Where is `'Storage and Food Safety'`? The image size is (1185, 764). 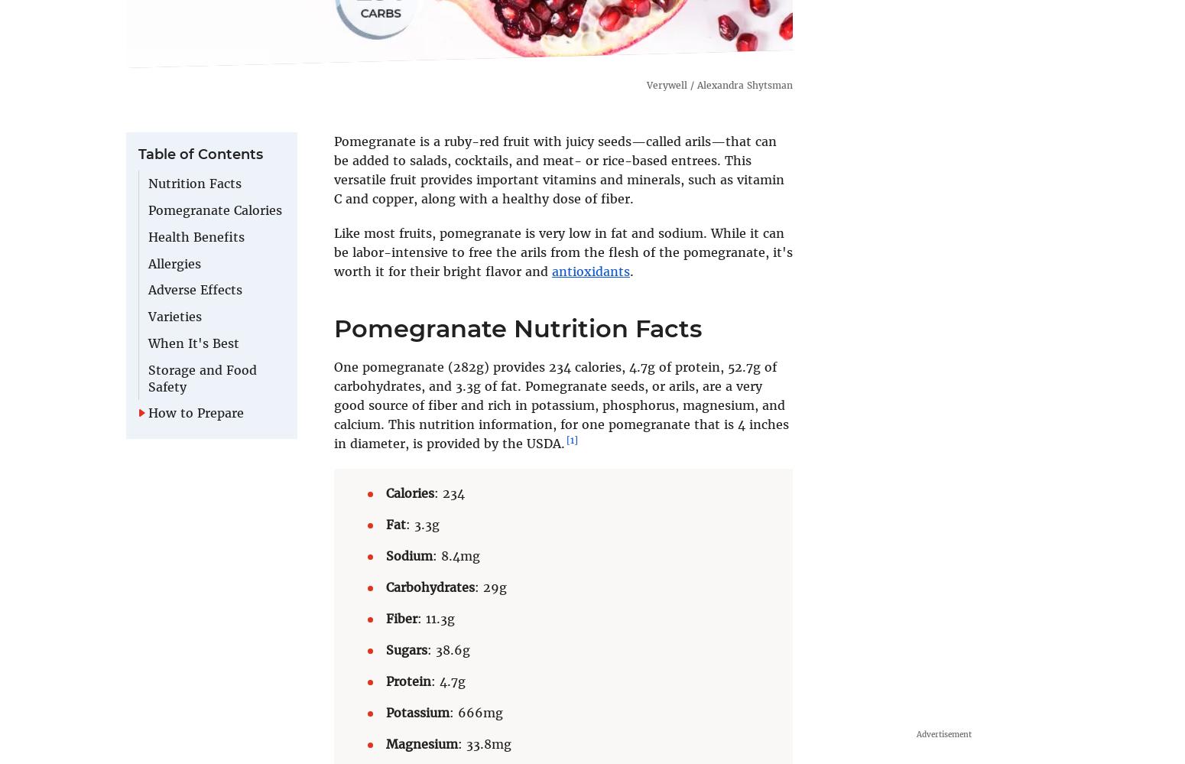
'Storage and Food Safety' is located at coordinates (148, 378).